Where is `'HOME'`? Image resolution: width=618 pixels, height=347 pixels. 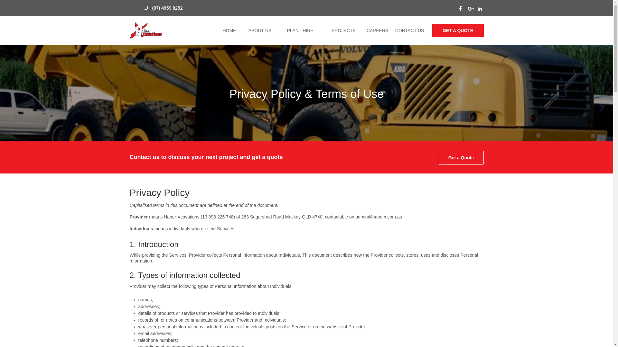 'HOME' is located at coordinates (219, 31).